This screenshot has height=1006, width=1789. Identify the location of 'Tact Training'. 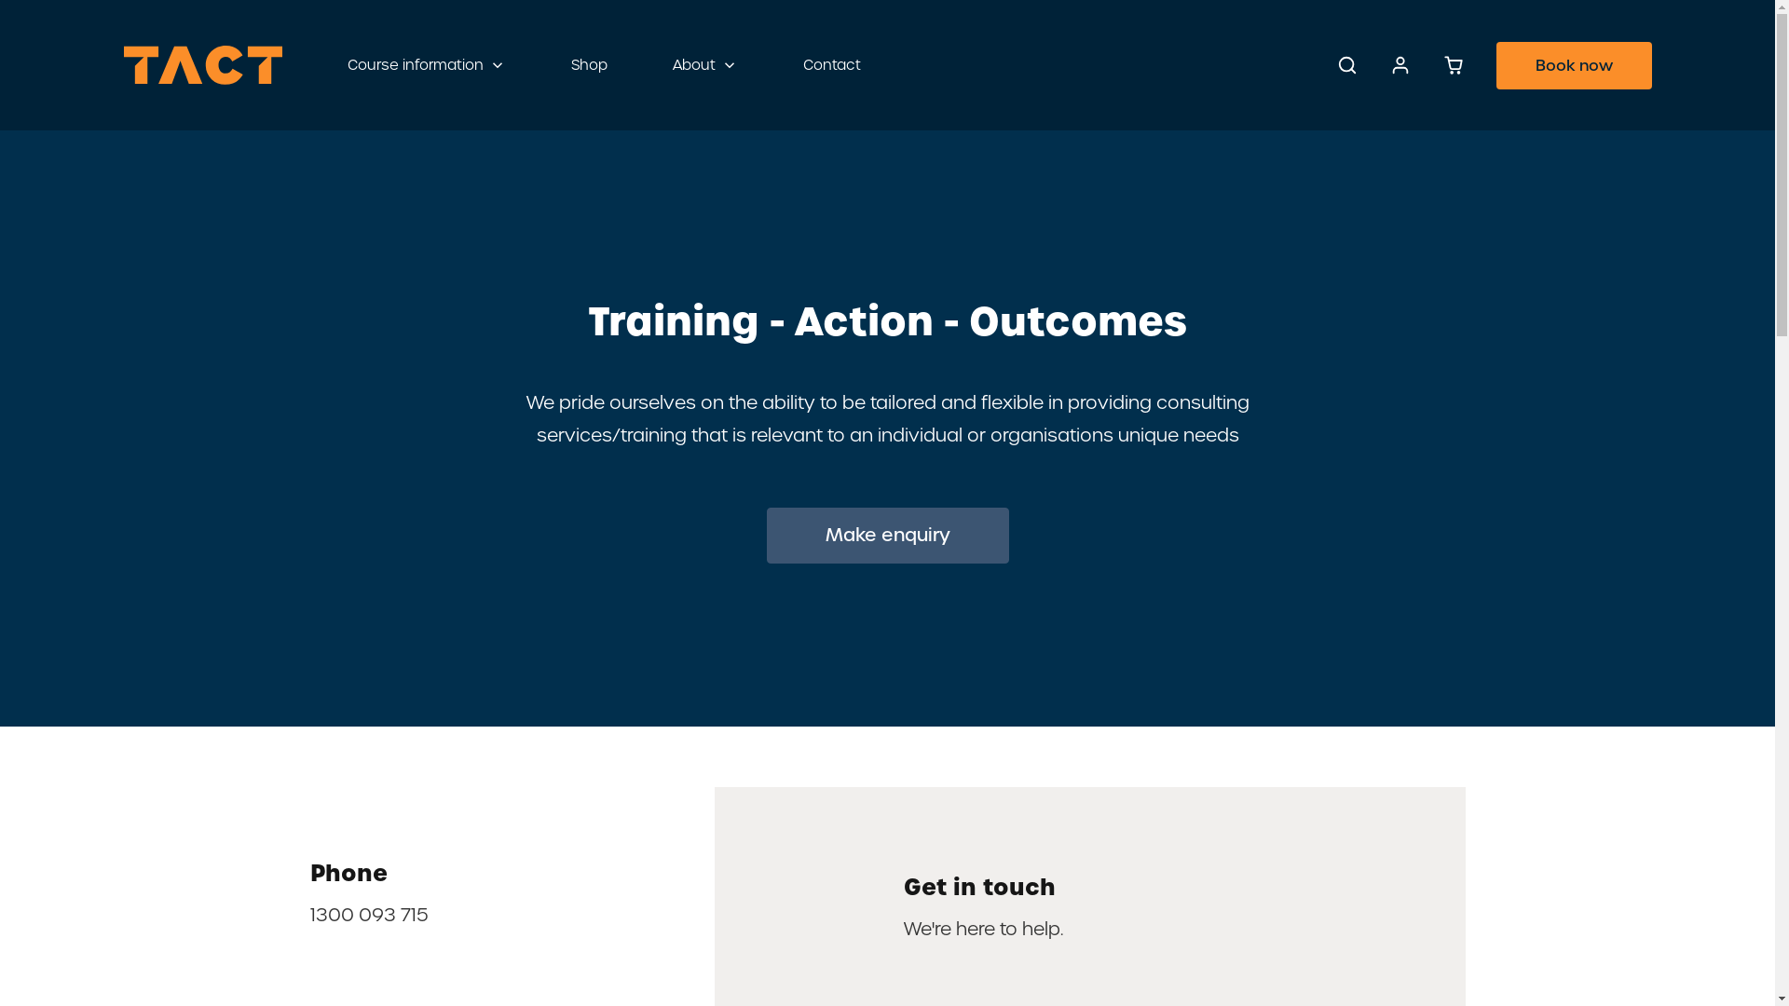
(201, 63).